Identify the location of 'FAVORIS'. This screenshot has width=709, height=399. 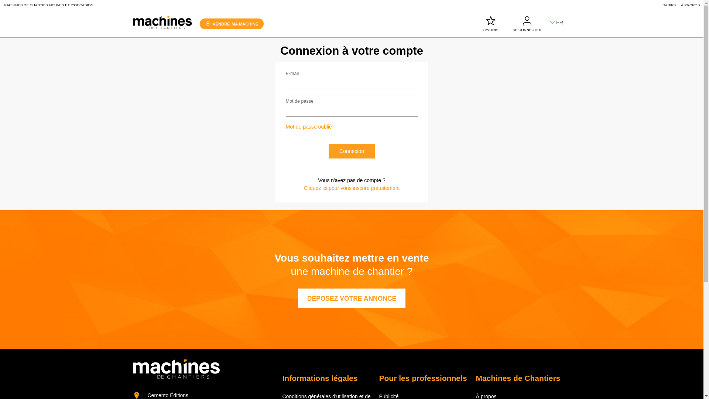
(490, 24).